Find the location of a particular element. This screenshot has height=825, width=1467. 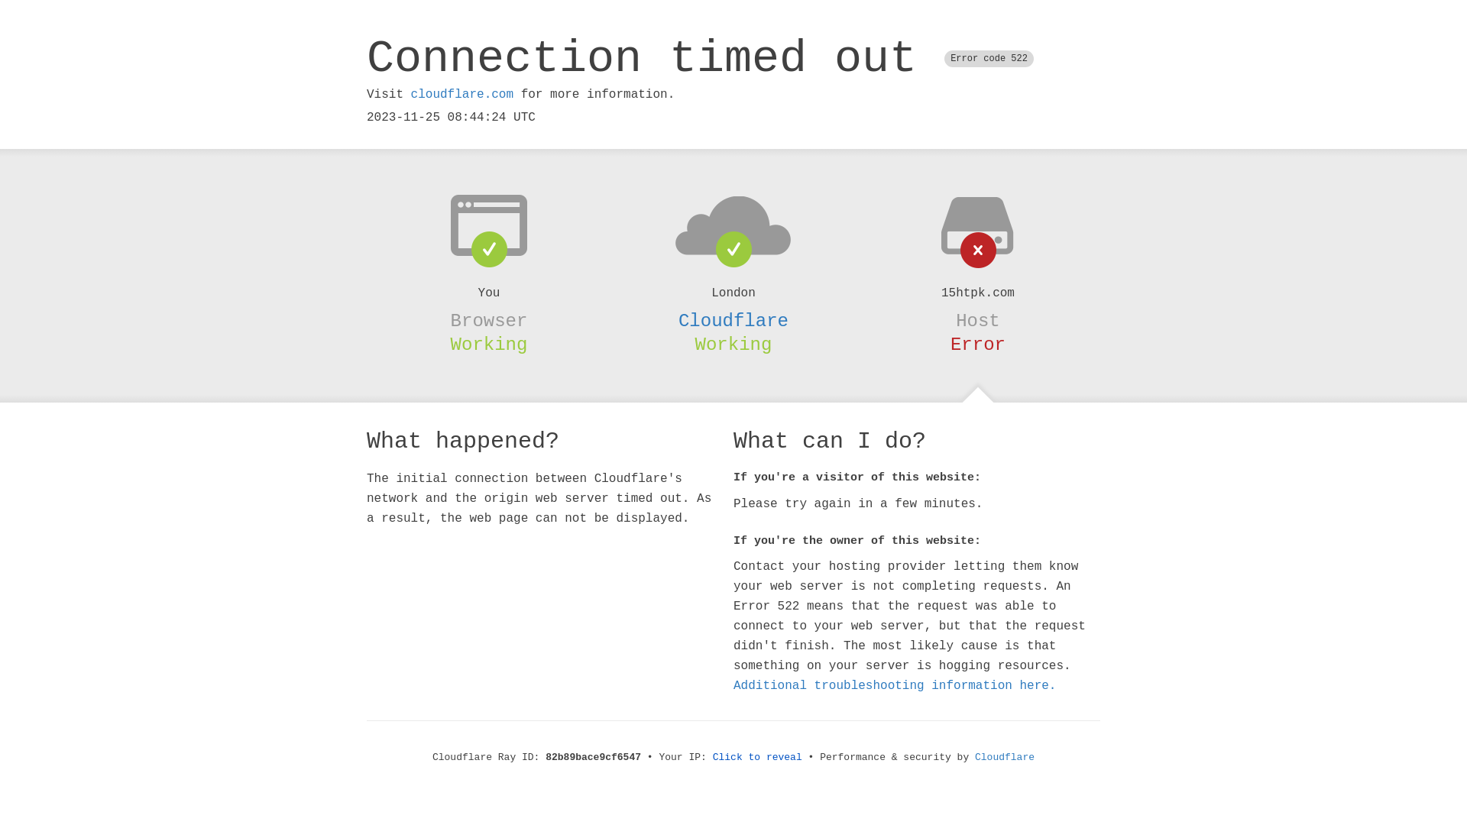

'Additional troubleshooting information here.' is located at coordinates (895, 685).